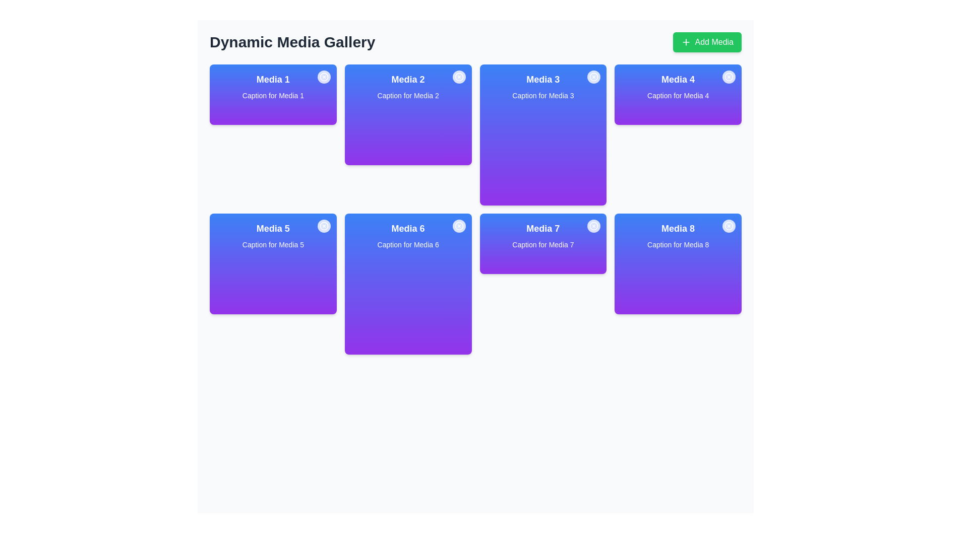  Describe the element at coordinates (542, 95) in the screenshot. I see `the Text label located at the bottom part of the Media 3 card, which provides descriptive context for the card` at that location.